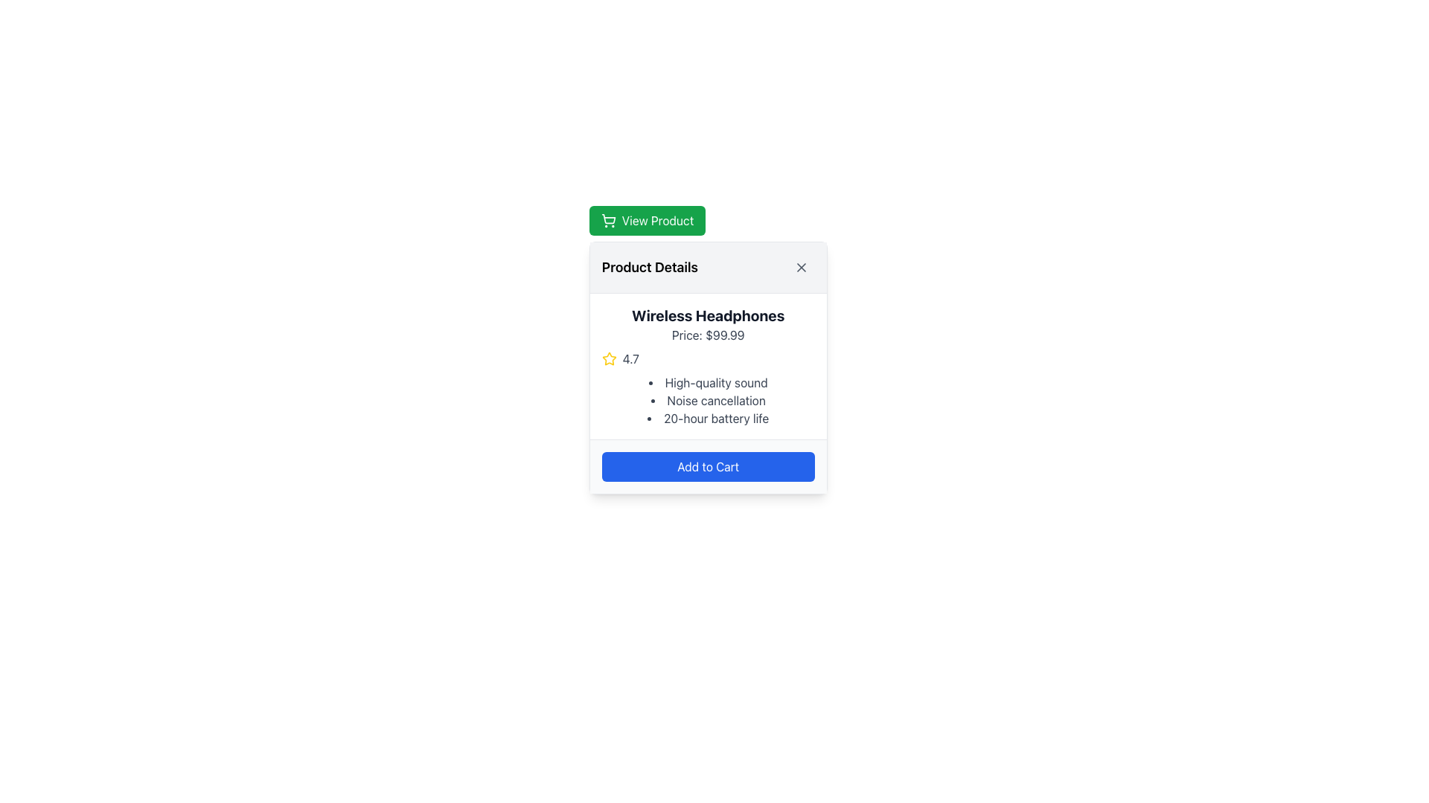 The width and height of the screenshot is (1429, 803). Describe the element at coordinates (647, 221) in the screenshot. I see `the button located at the top of the 'Product Details' card` at that location.